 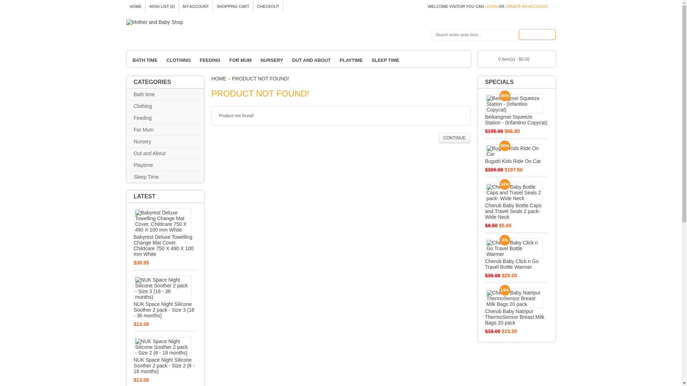 What do you see at coordinates (147, 142) in the screenshot?
I see `'Nursery'` at bounding box center [147, 142].